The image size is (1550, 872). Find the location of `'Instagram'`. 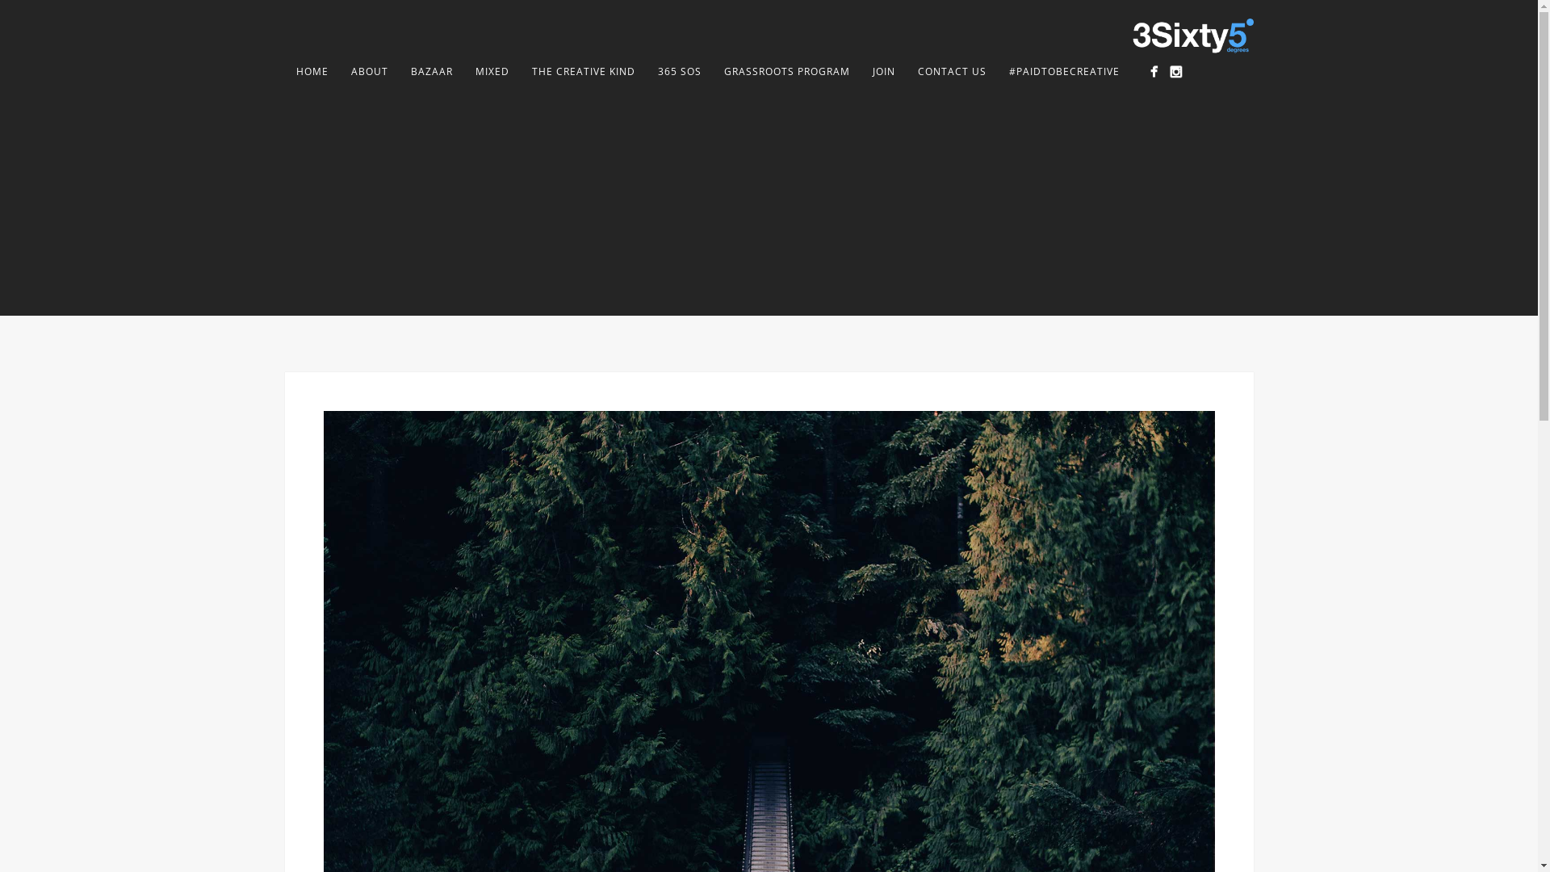

'Instagram' is located at coordinates (1175, 70).